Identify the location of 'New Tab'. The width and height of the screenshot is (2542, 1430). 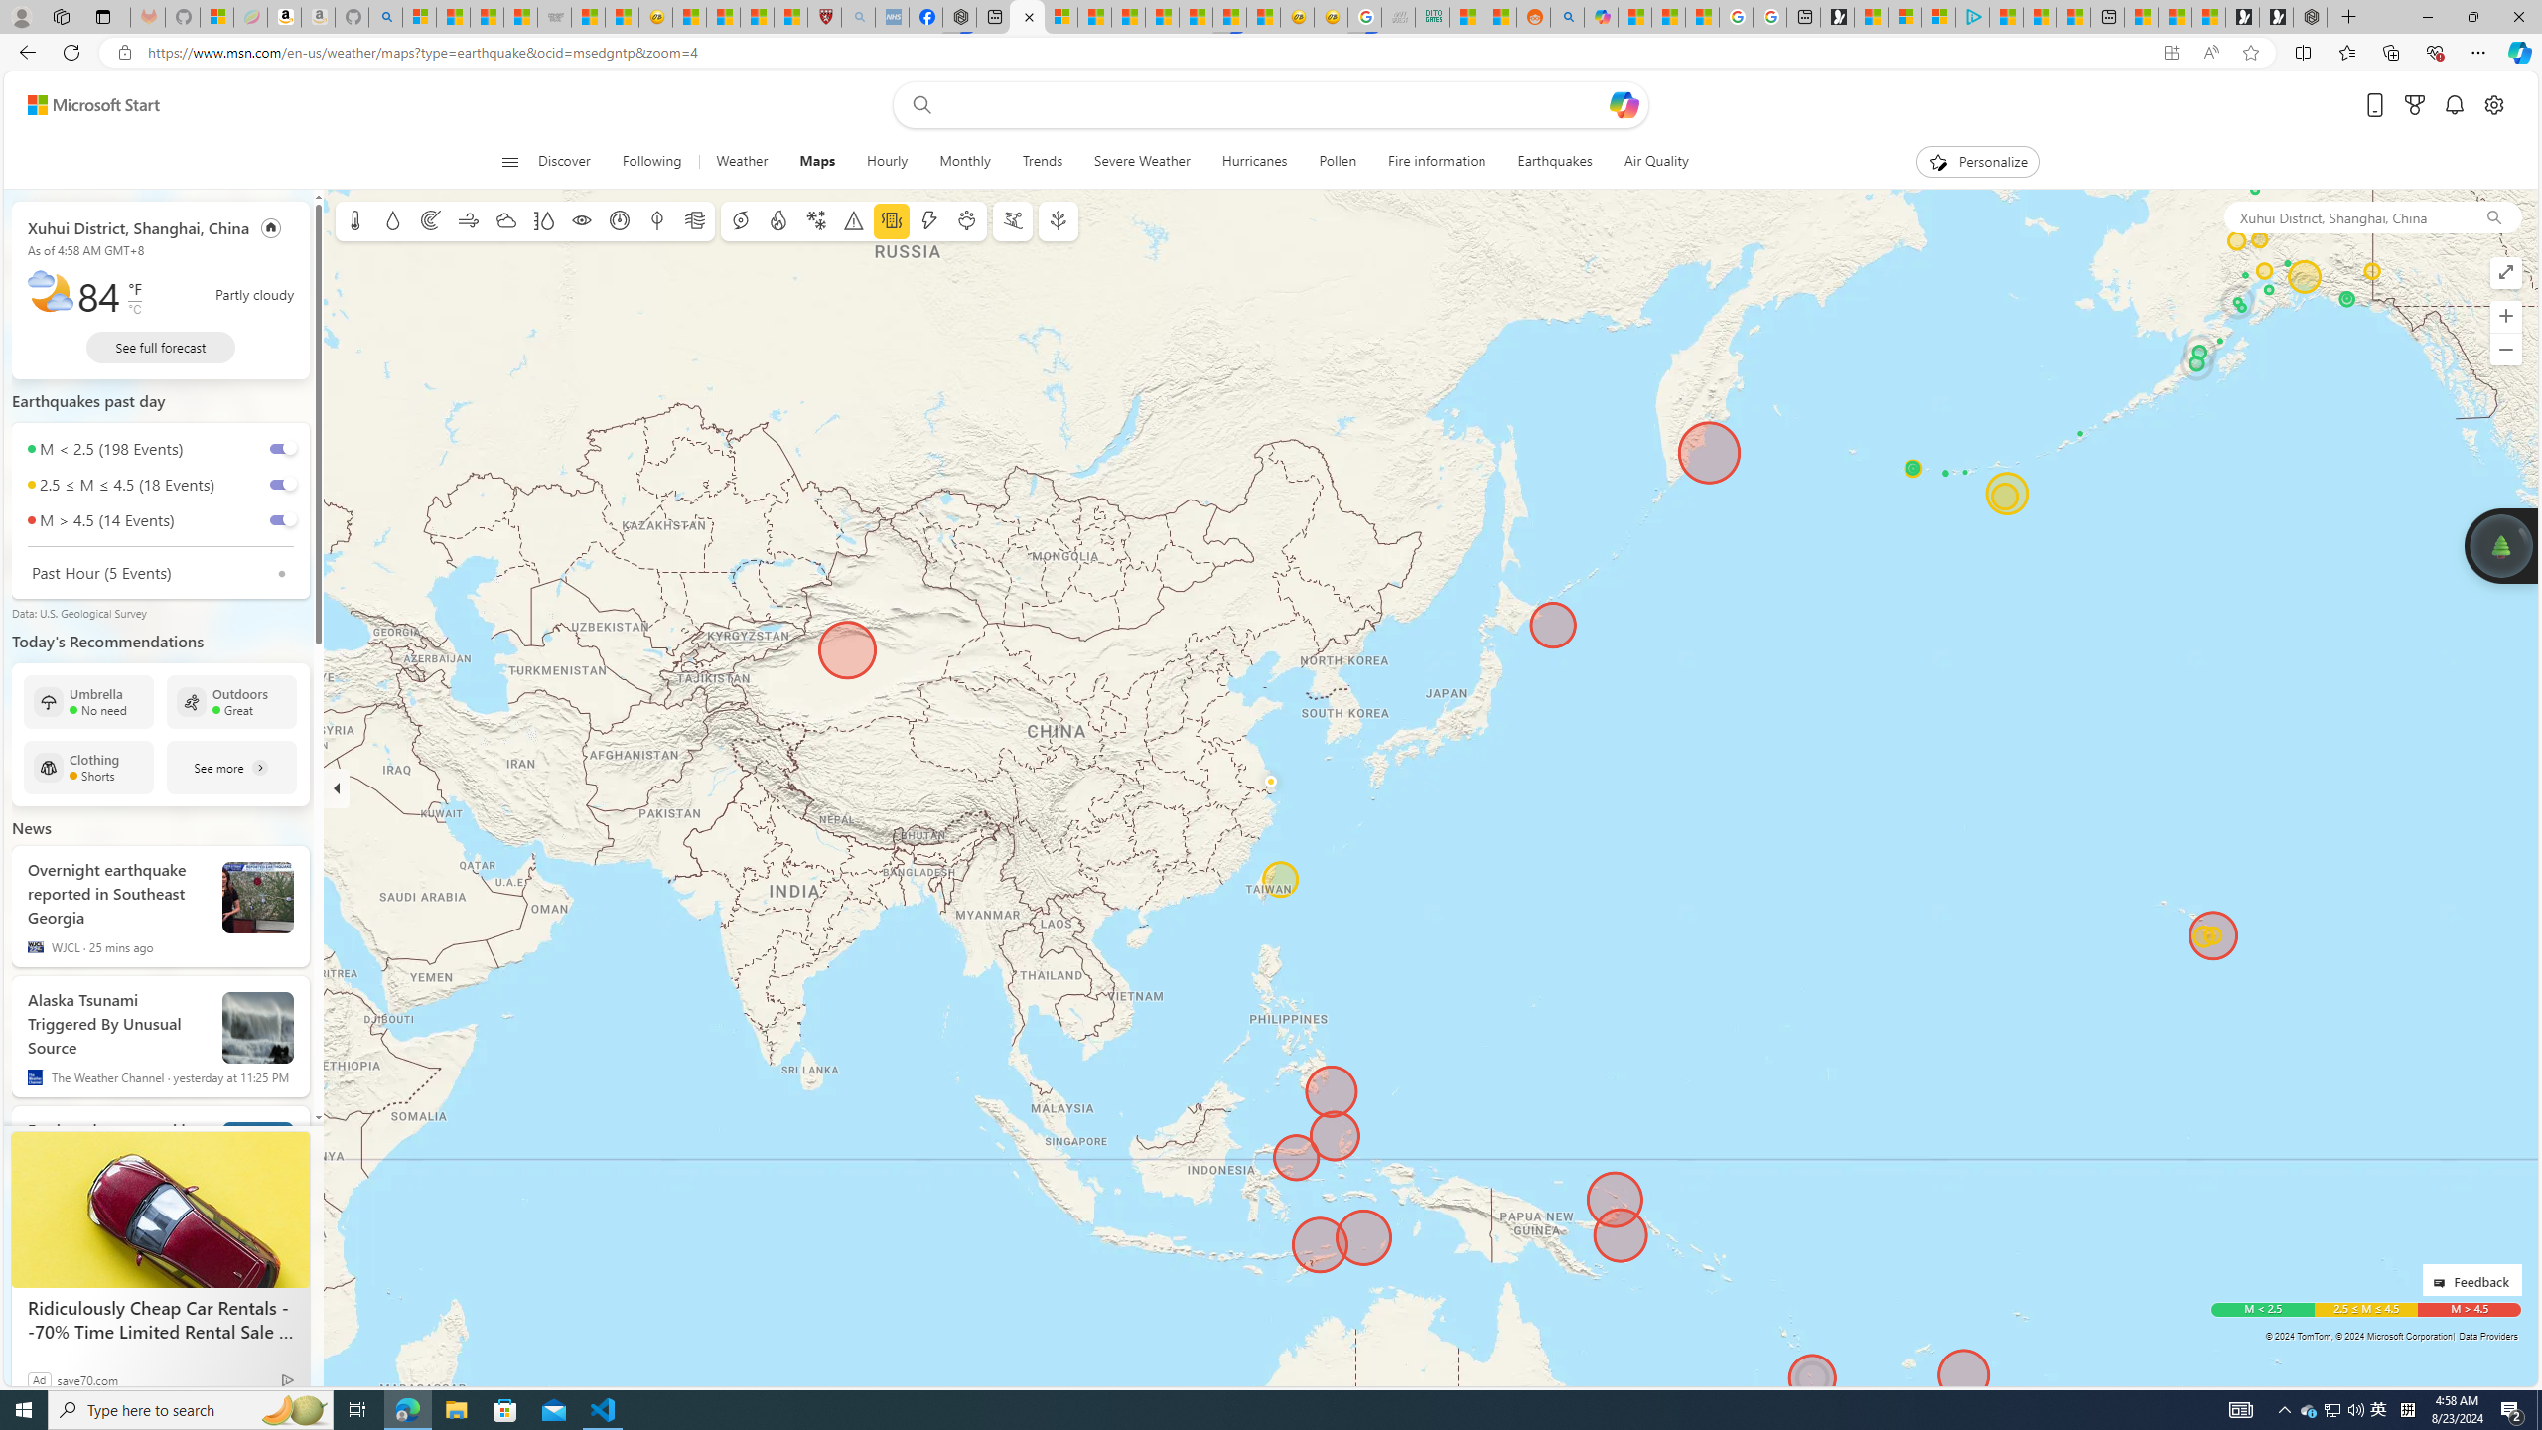
(2348, 16).